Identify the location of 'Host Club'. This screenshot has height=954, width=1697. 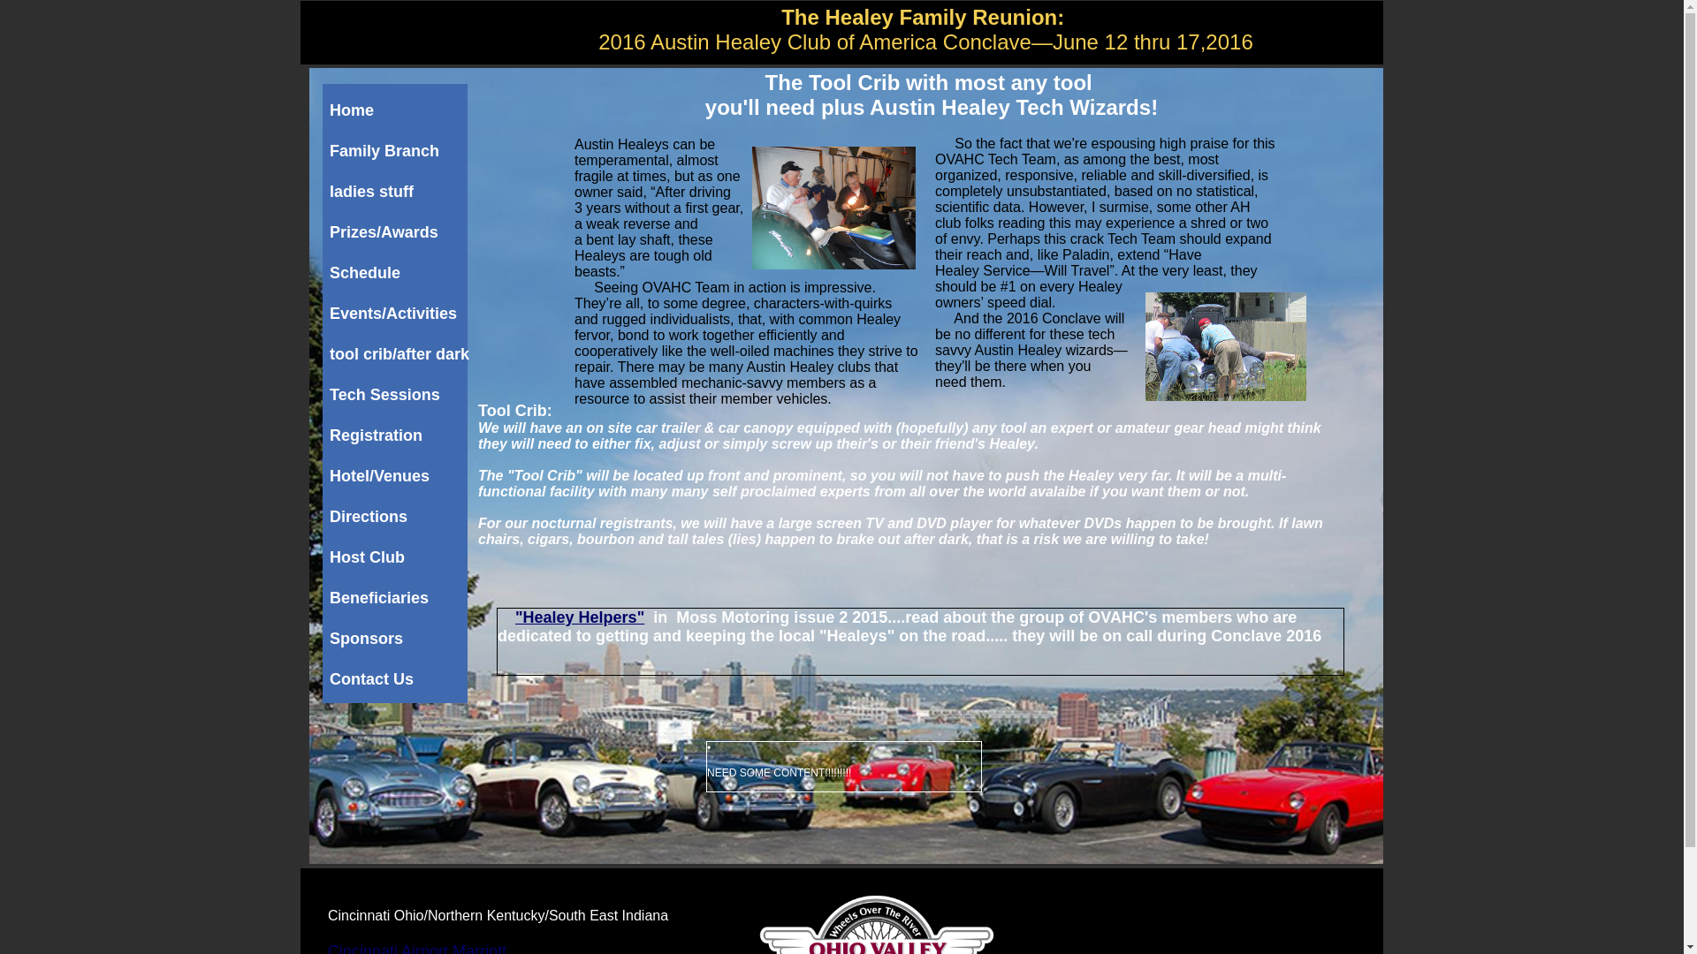
(330, 558).